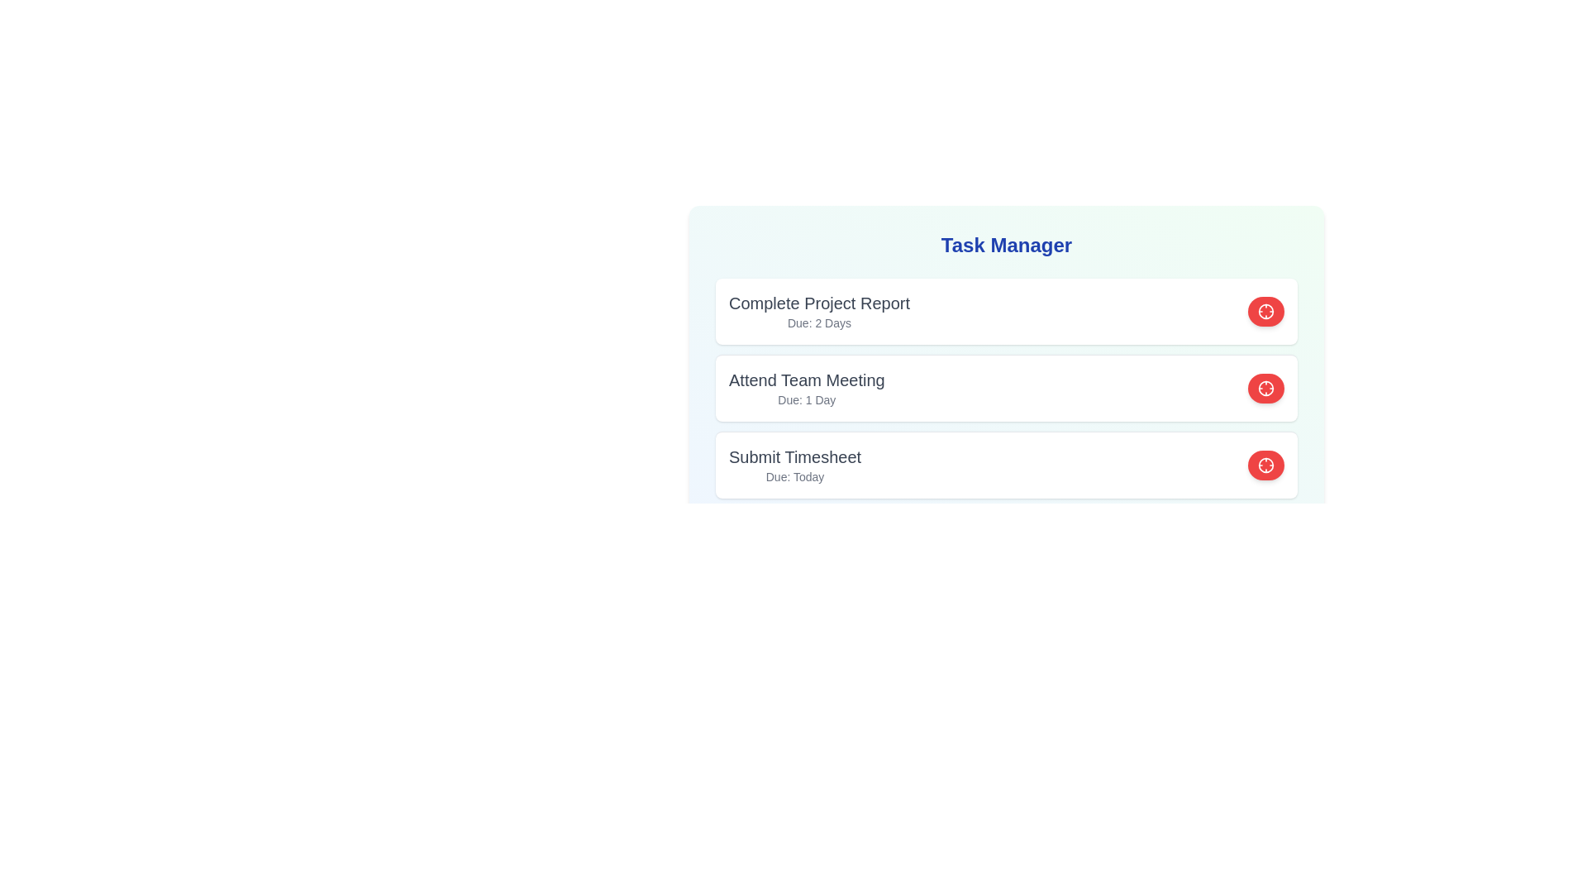 This screenshot has width=1587, height=893. What do you see at coordinates (819, 303) in the screenshot?
I see `the text label displaying 'Complete Project Report' which is styled with a bold appearance and dark gray color, located under the 'Task Manager' header` at bounding box center [819, 303].